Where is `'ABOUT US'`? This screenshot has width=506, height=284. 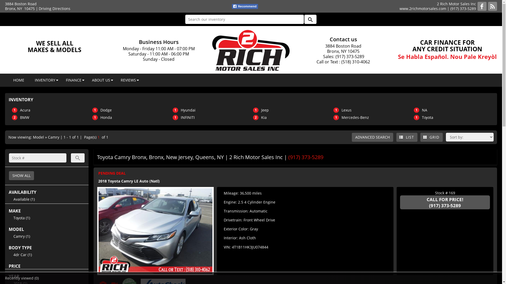
'ABOUT US' is located at coordinates (101, 80).